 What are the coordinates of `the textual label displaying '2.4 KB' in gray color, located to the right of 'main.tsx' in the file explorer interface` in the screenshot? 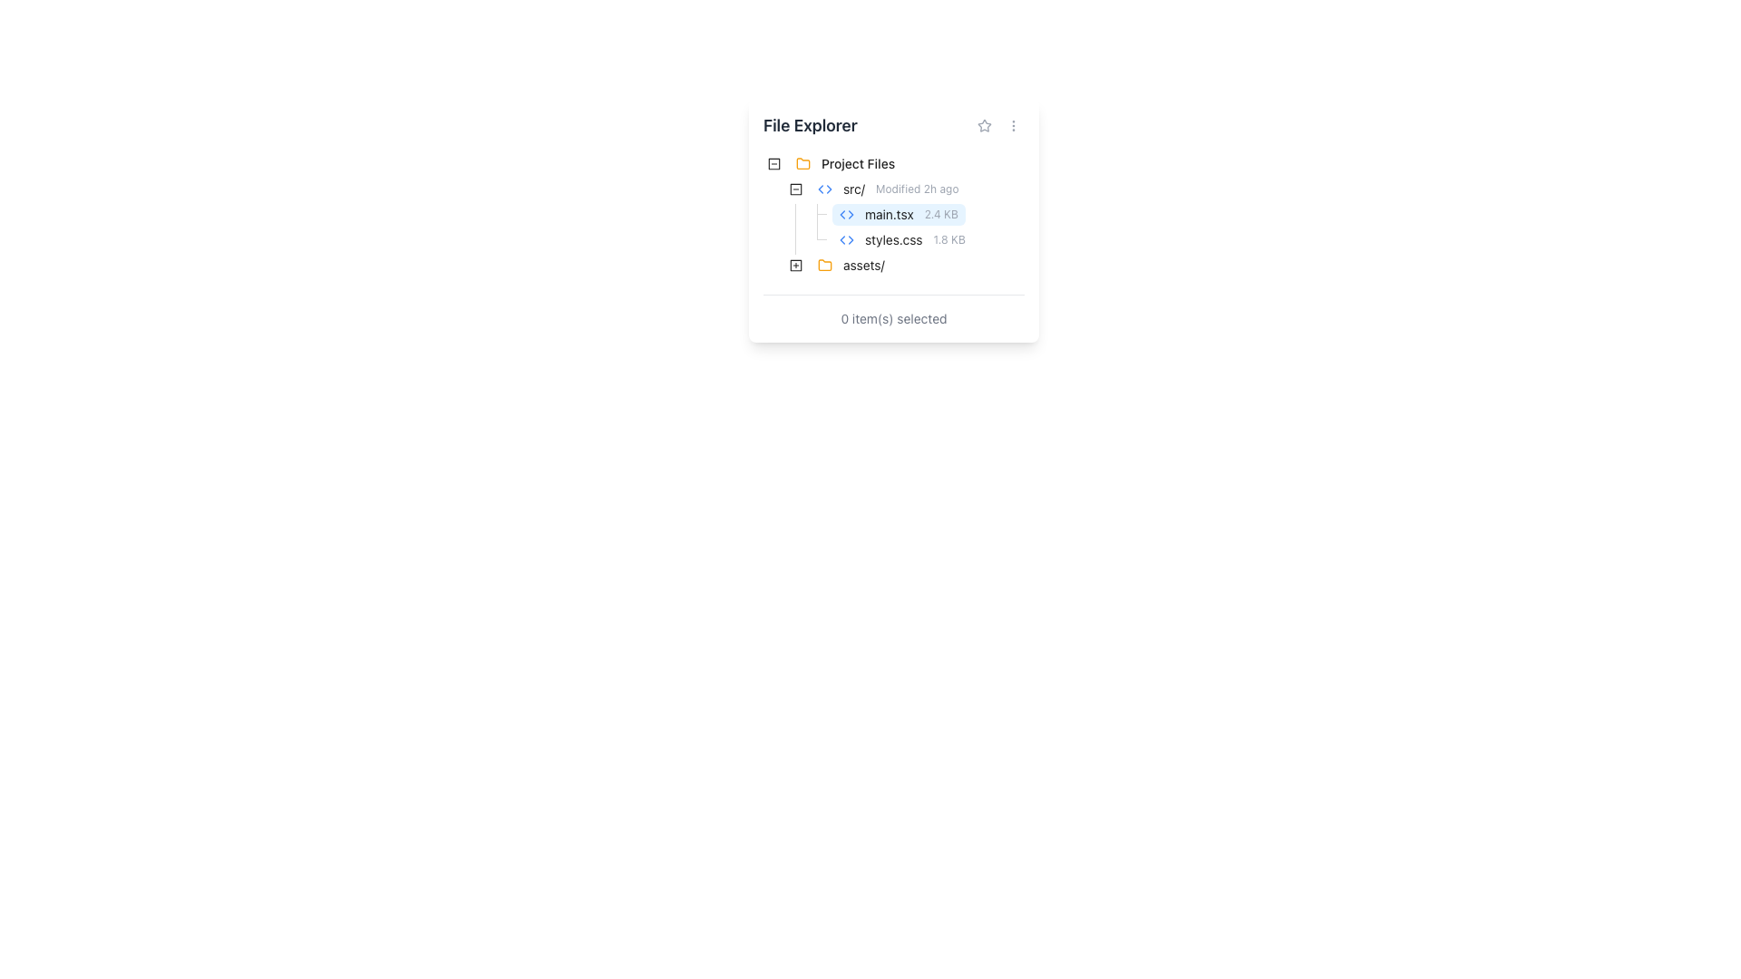 It's located at (941, 213).